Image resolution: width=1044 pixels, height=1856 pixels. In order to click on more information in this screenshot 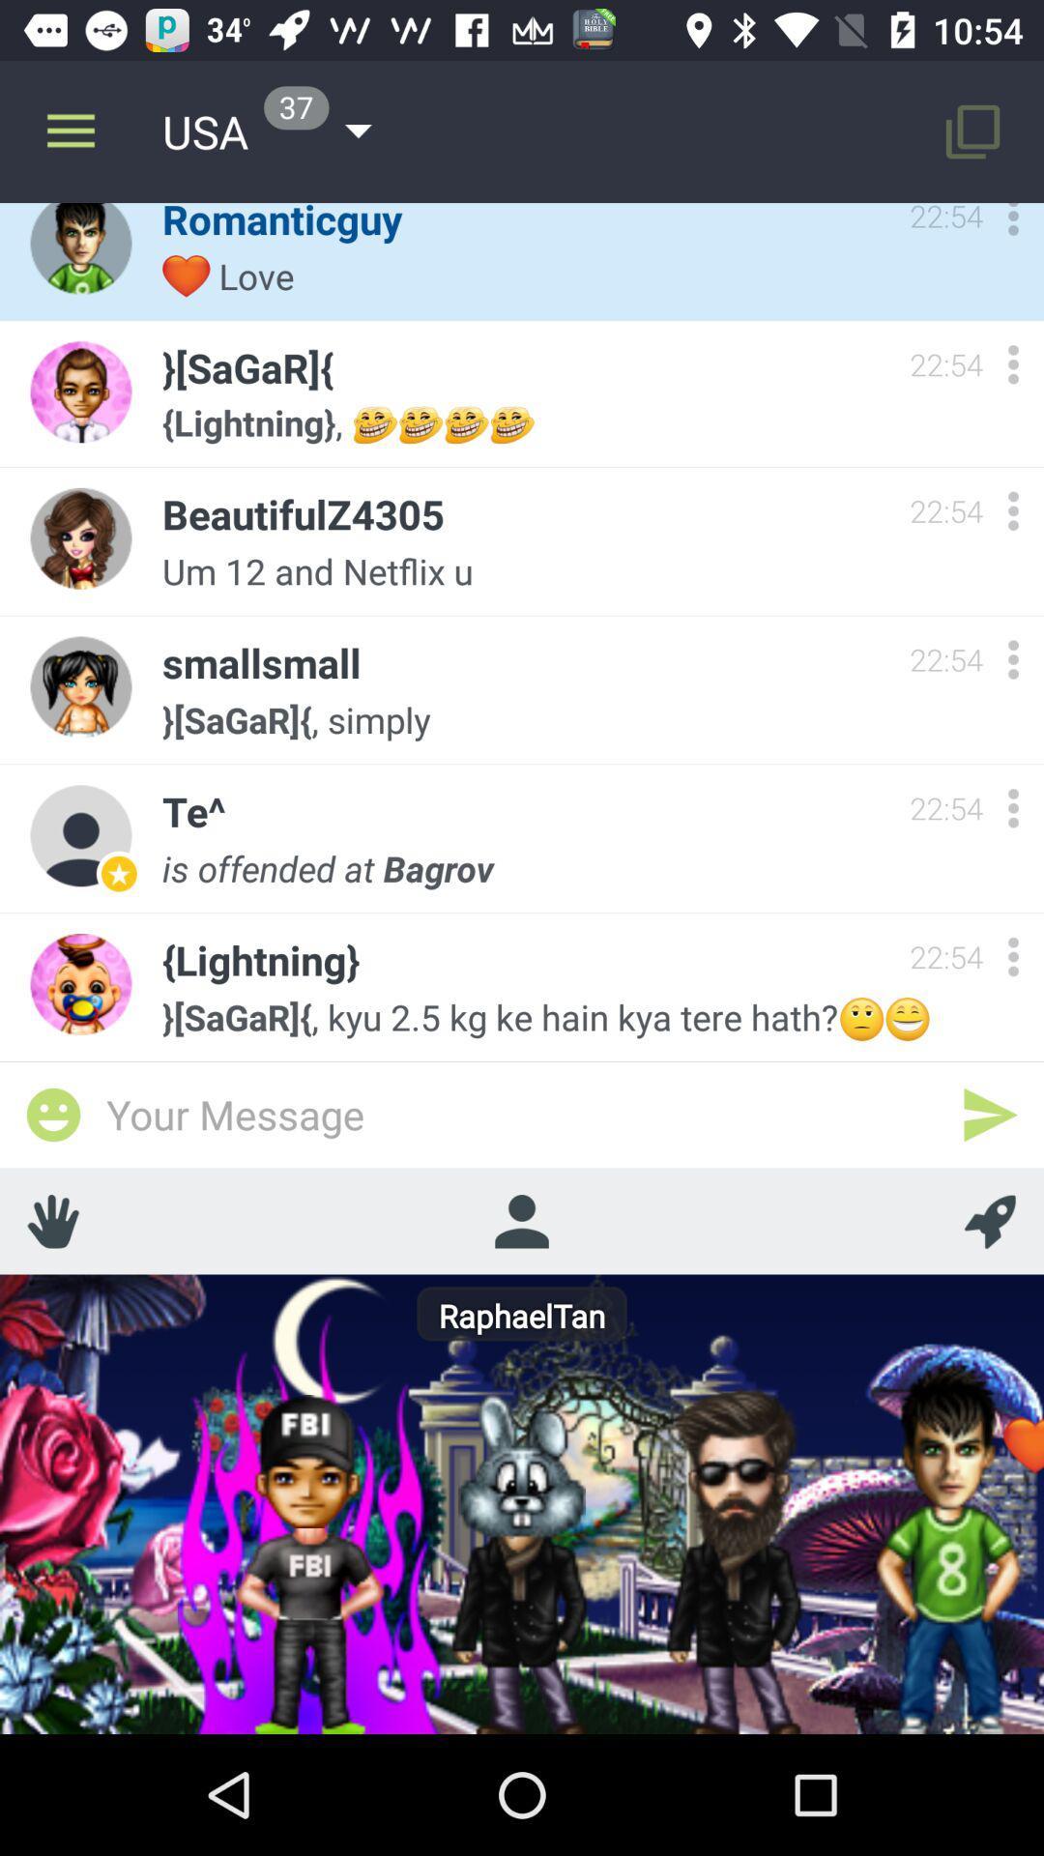, I will do `click(1012, 956)`.